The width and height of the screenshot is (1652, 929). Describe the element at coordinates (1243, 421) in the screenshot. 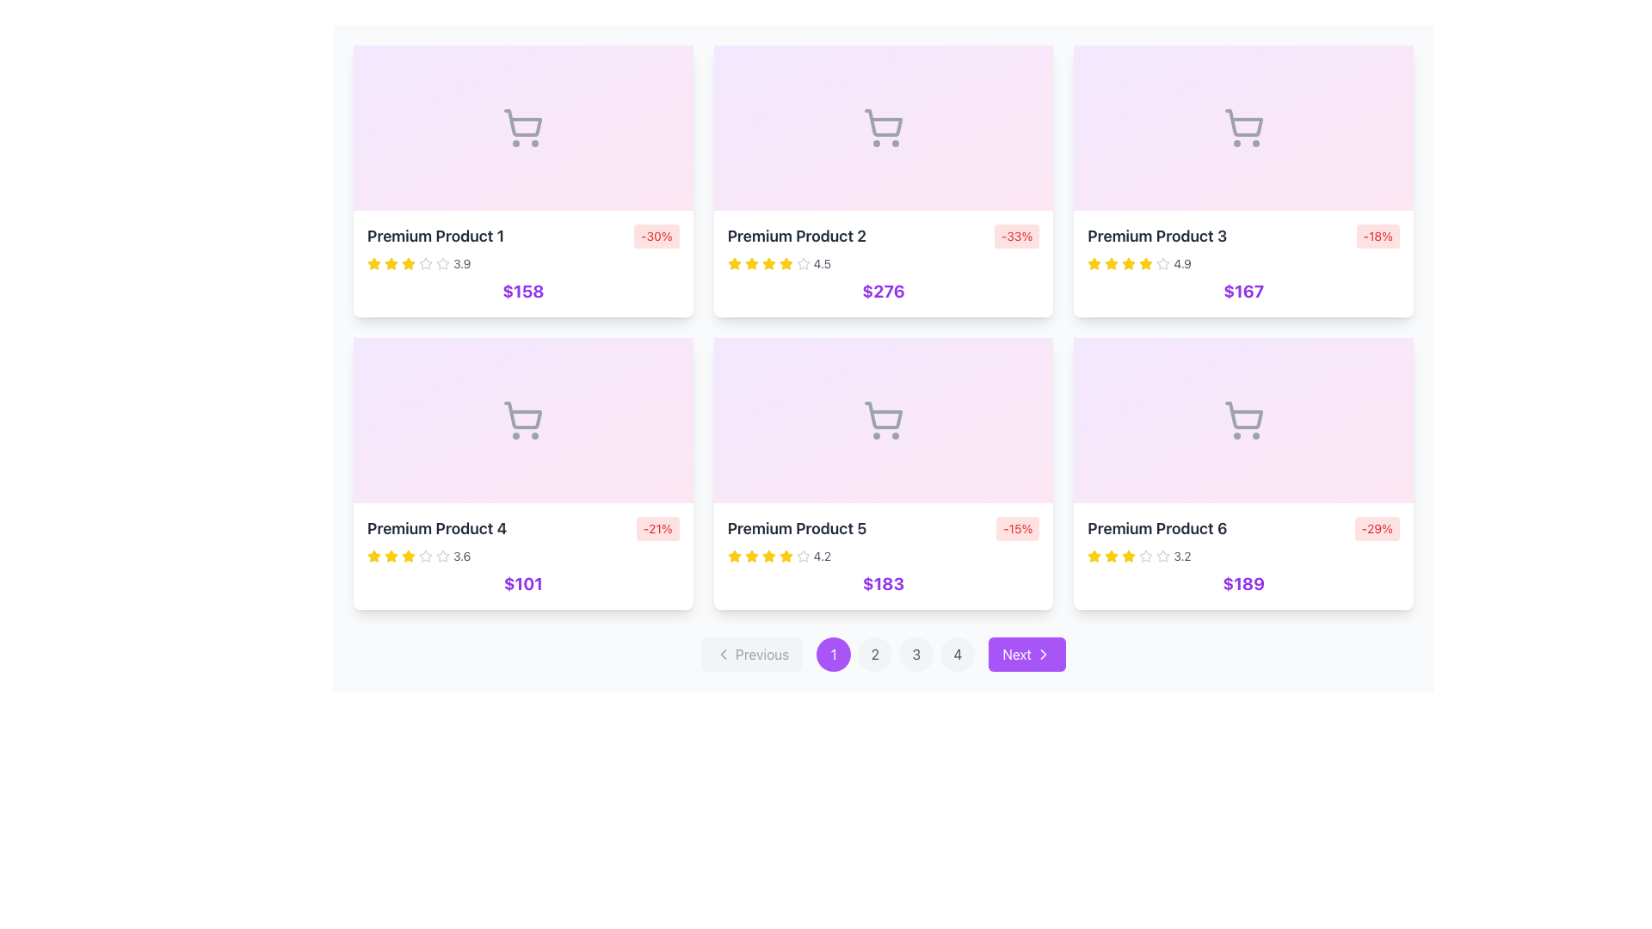

I see `the shopping cart icon with a light purple background located above the 'Premium Product 6' section by moving the cursor to its center point` at that location.